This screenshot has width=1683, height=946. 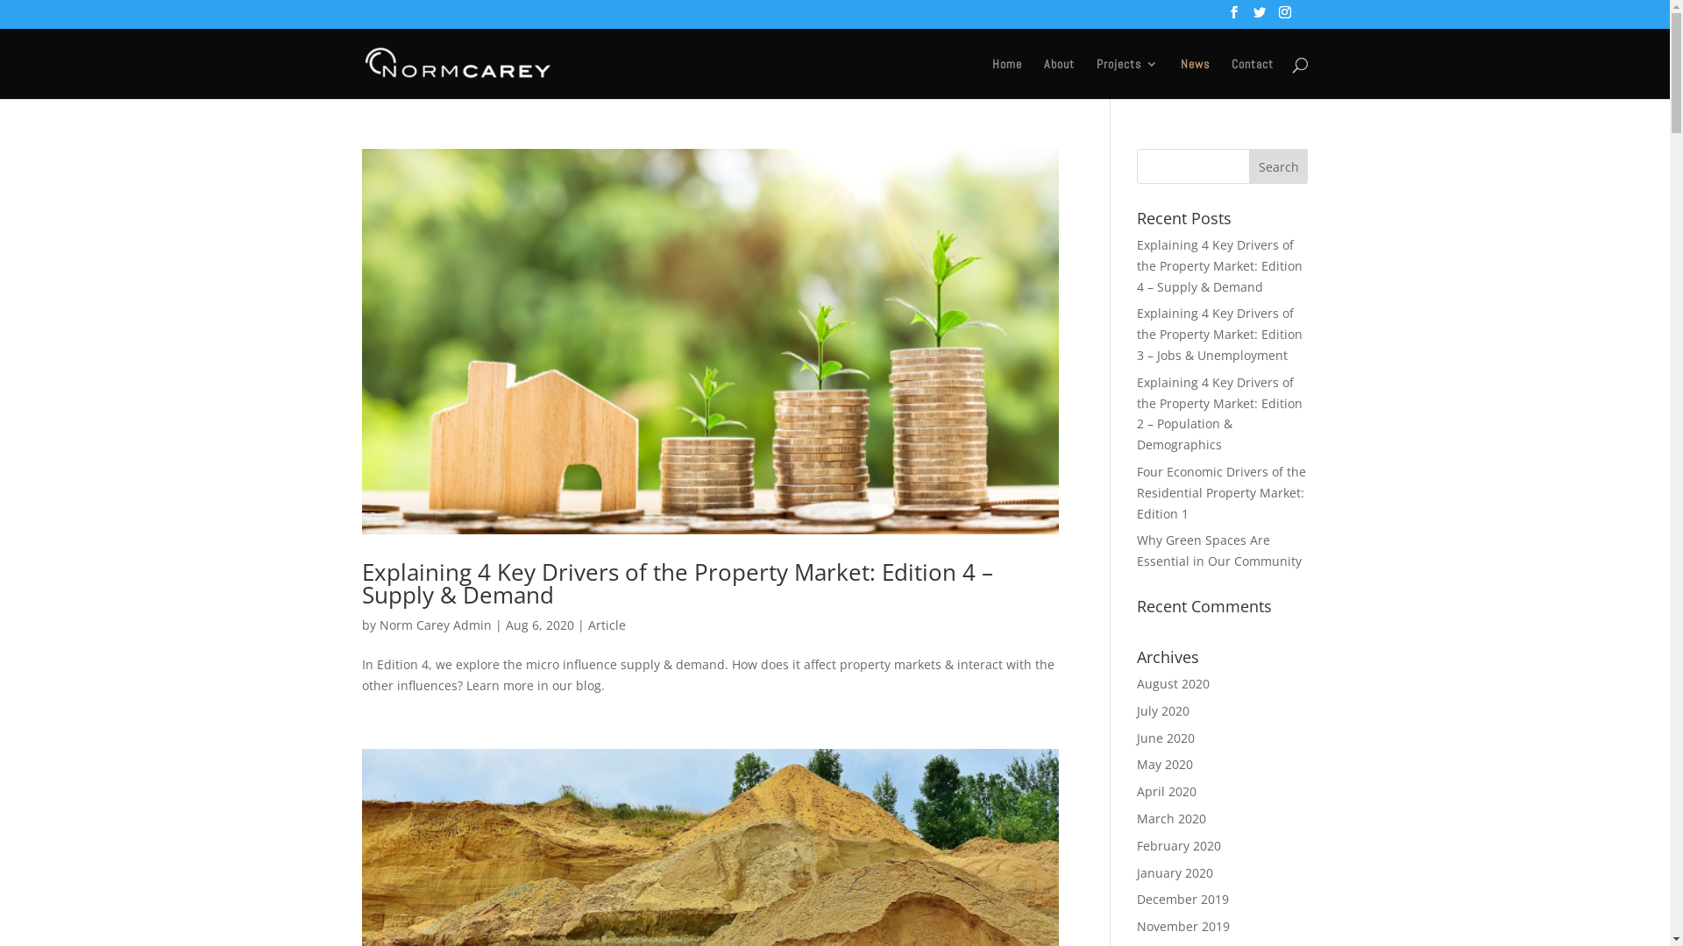 What do you see at coordinates (1193, 77) in the screenshot?
I see `'News'` at bounding box center [1193, 77].